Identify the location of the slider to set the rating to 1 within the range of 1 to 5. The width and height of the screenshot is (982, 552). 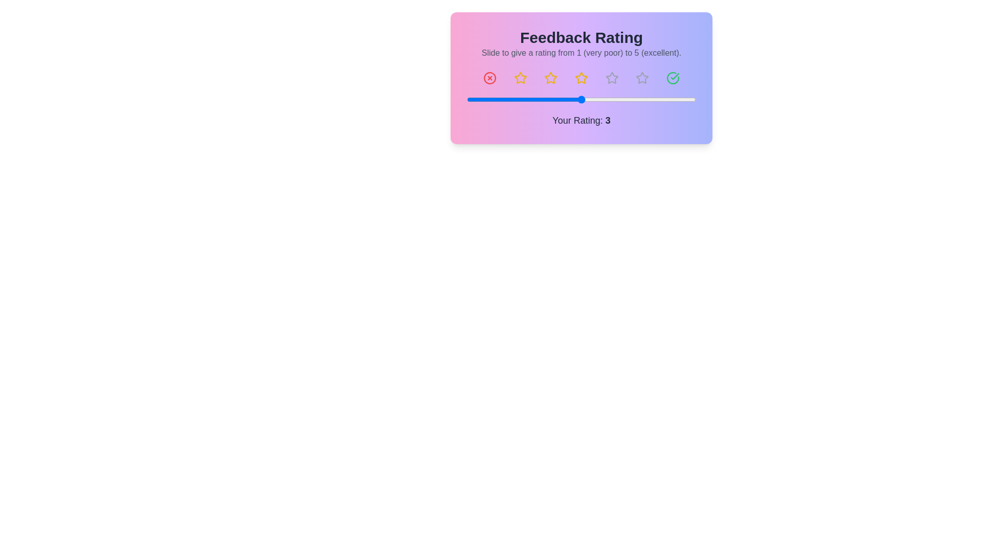
(466, 100).